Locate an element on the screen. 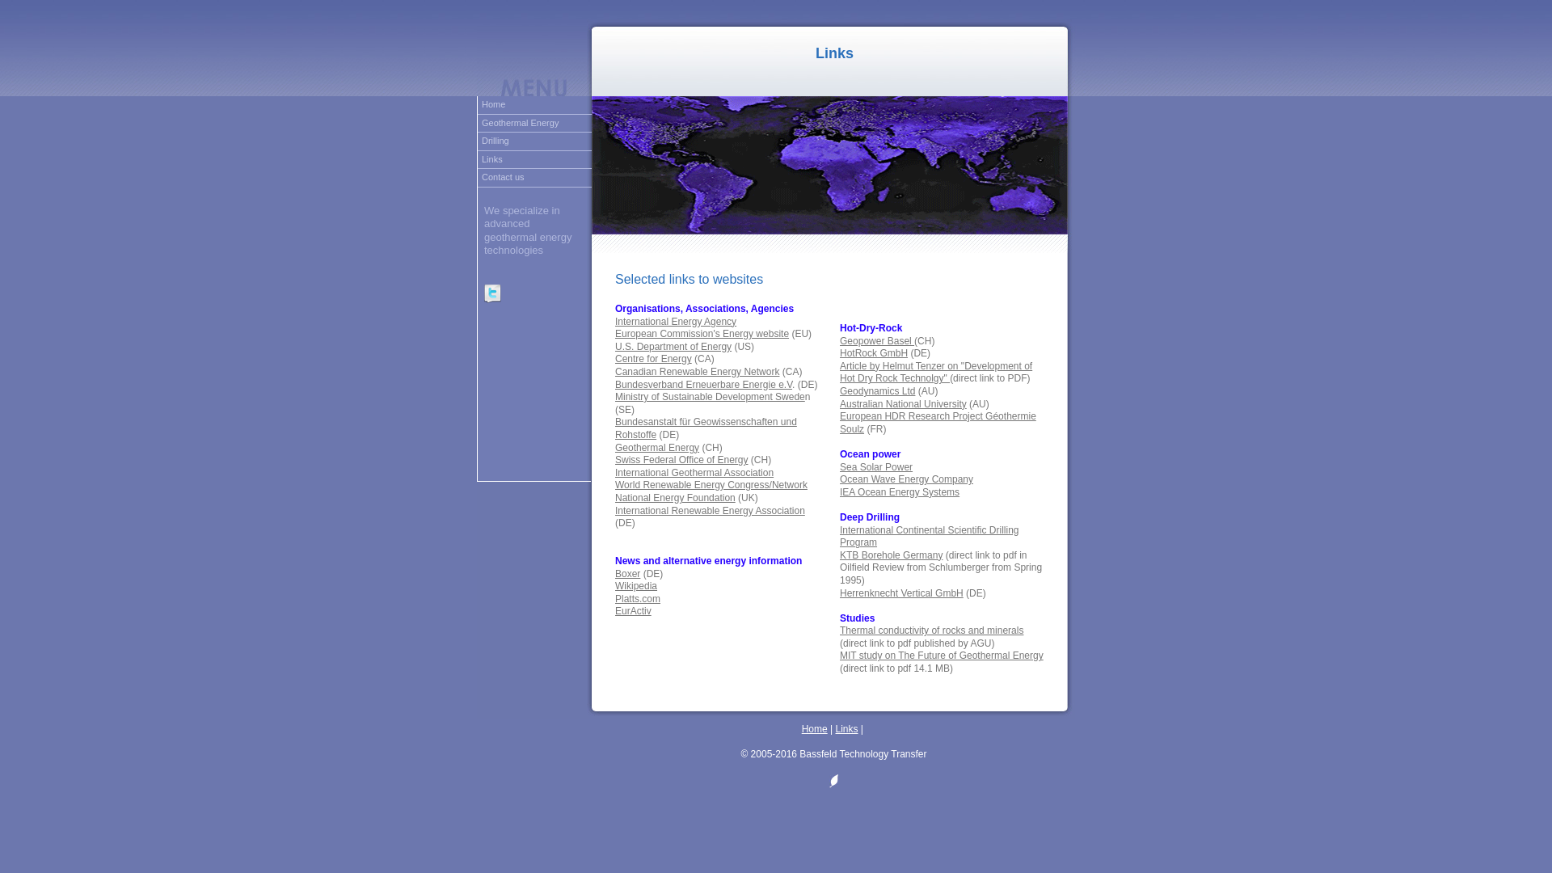 This screenshot has width=1552, height=873. 'International Energy Agency' is located at coordinates (614, 321).